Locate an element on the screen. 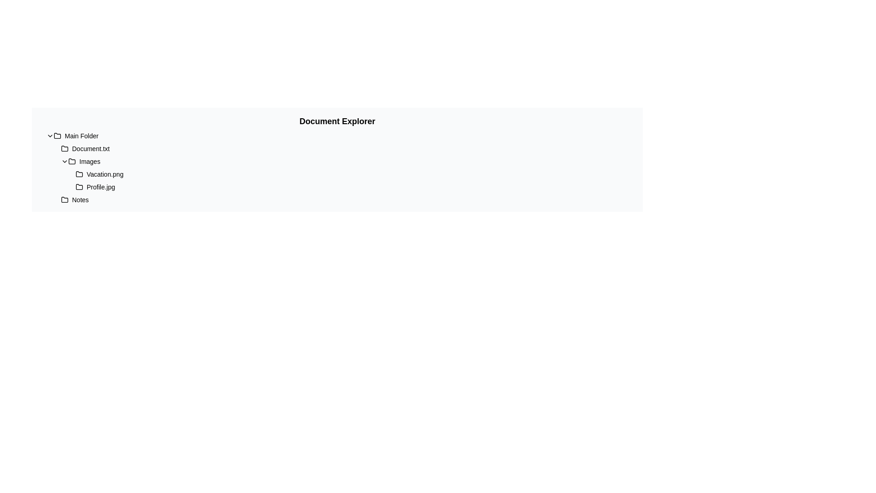 The width and height of the screenshot is (876, 493). the folder icon representing the file entry for 'Document.txt' in the Document Explorer interface is located at coordinates (64, 147).